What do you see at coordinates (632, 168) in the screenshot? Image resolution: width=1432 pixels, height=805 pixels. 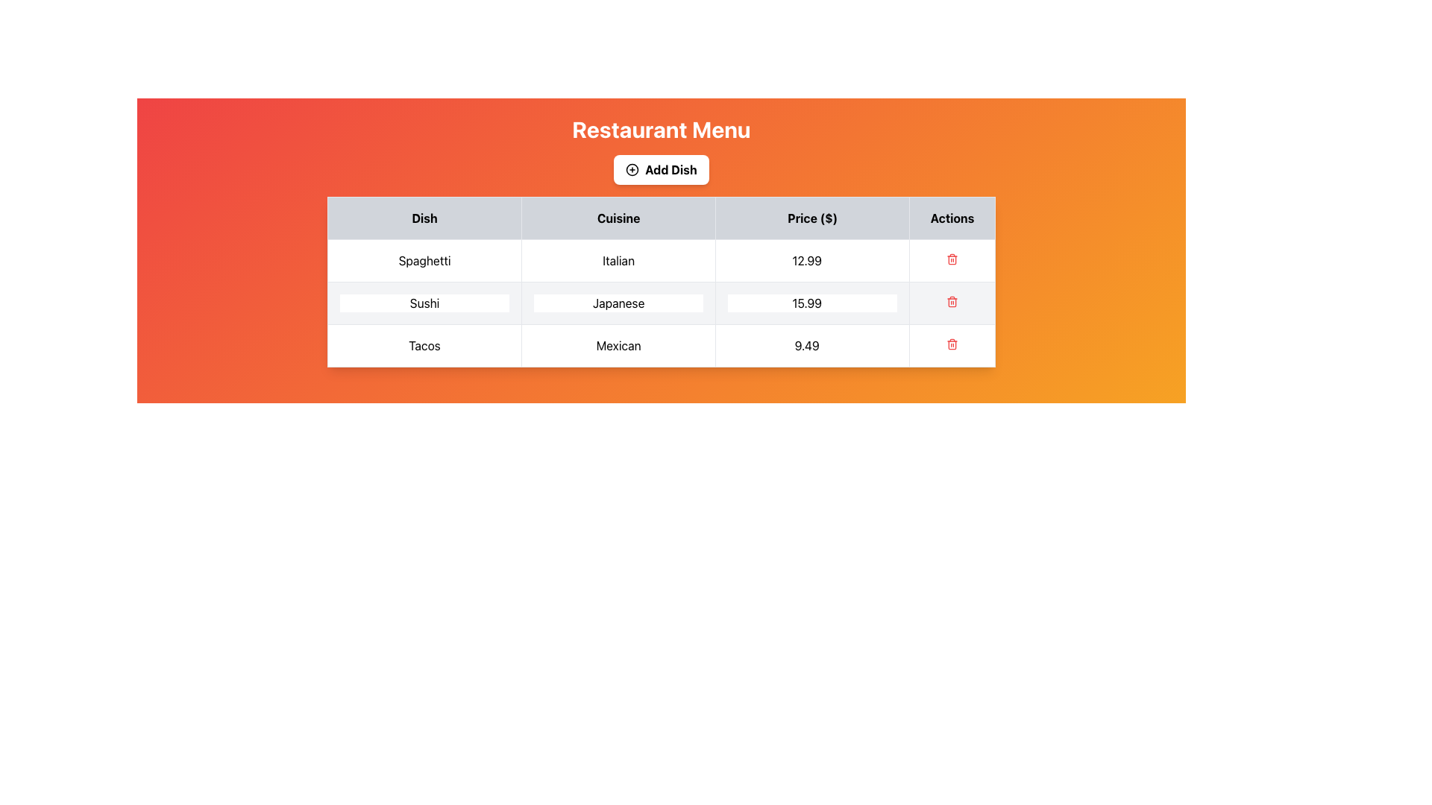 I see `the 'Add Dish' button which contains the icon indicating the addition operation, located centrally at the top of the interface under the title 'Restaurant Menu'` at bounding box center [632, 168].